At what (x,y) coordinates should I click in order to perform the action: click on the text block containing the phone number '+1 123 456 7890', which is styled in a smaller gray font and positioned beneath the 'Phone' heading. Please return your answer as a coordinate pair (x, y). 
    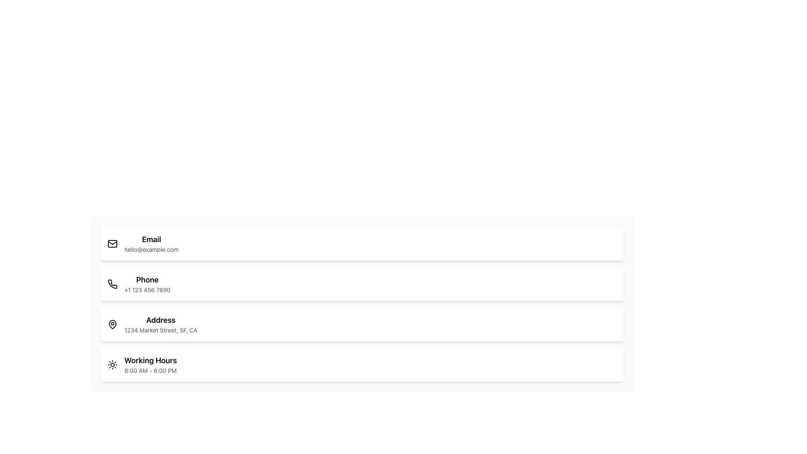
    Looking at the image, I should click on (147, 290).